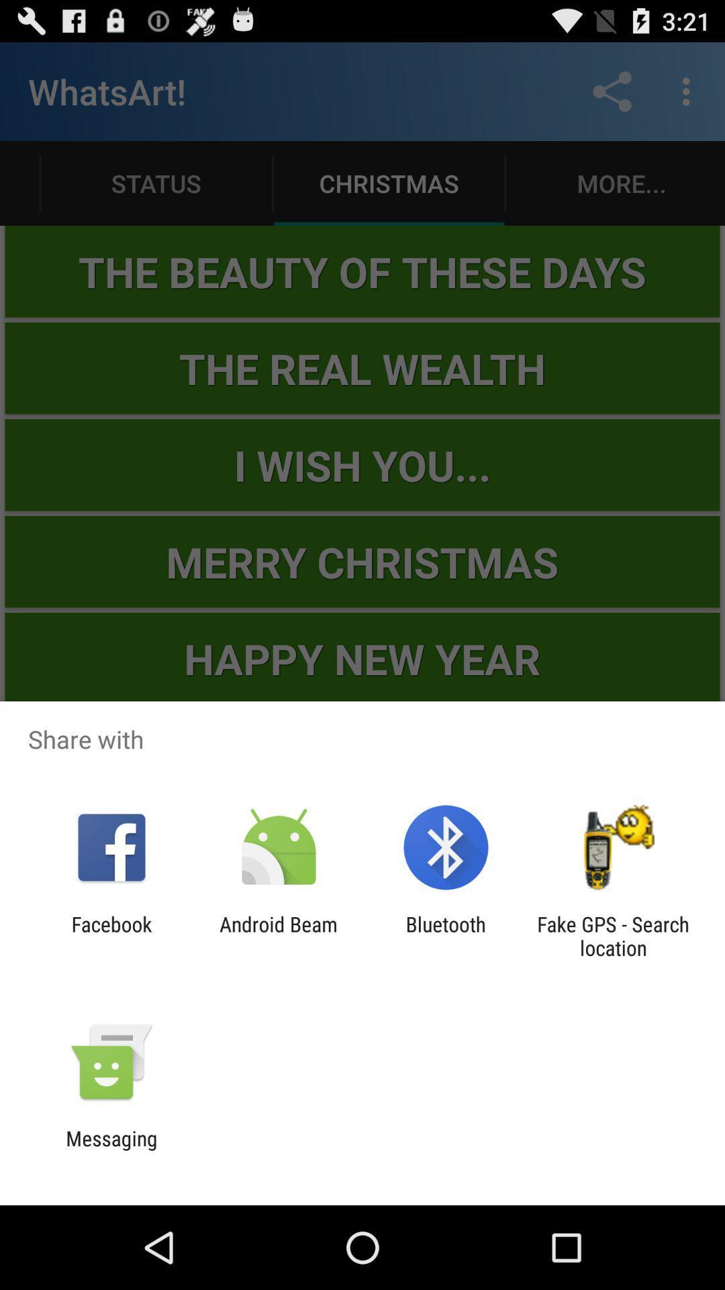  I want to click on app next to the android beam item, so click(111, 935).